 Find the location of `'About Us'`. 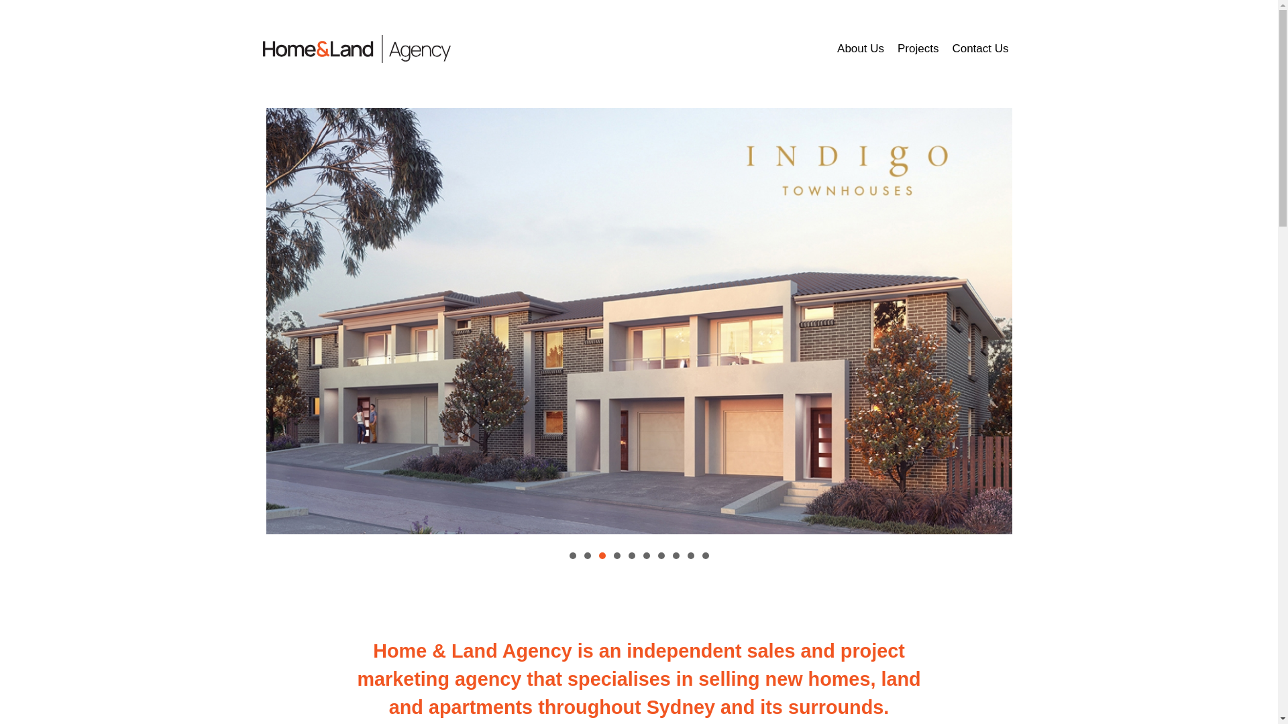

'About Us' is located at coordinates (860, 48).